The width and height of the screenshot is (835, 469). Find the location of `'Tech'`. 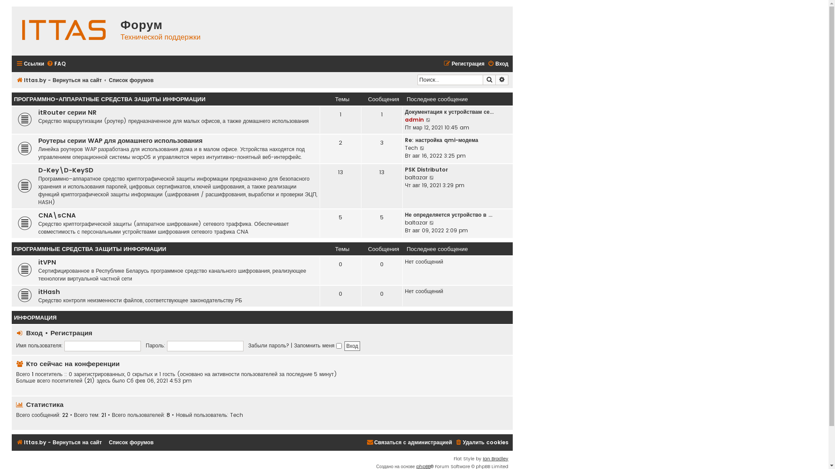

'Tech' is located at coordinates (236, 415).